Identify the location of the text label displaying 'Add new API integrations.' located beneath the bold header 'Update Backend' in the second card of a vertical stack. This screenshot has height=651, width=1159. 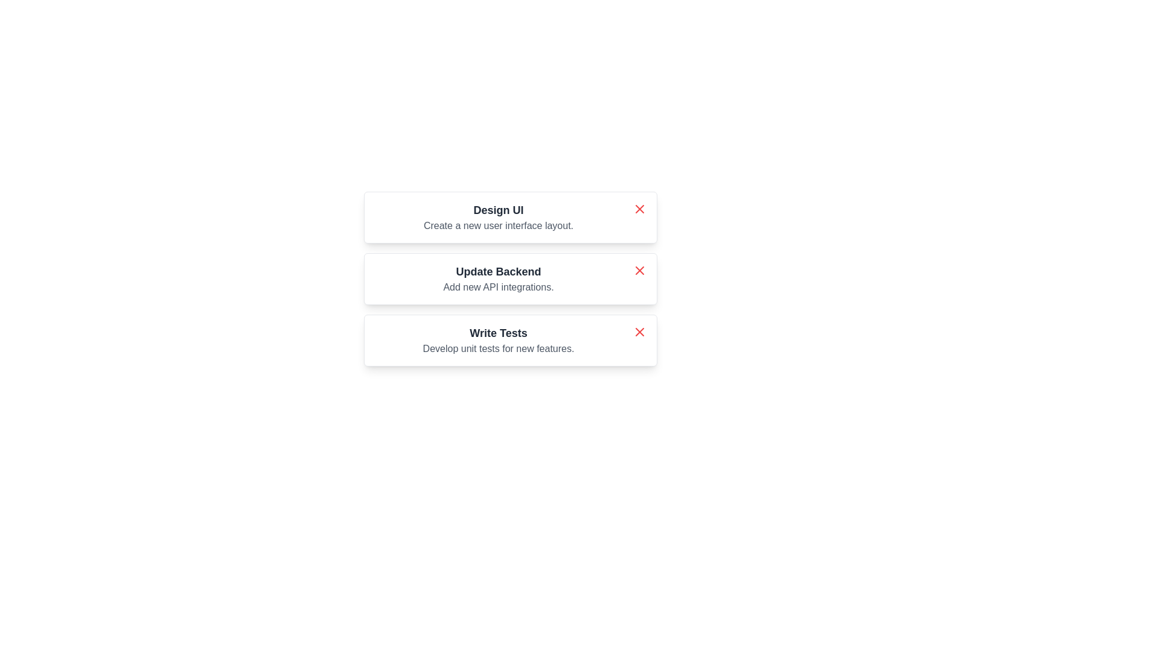
(498, 288).